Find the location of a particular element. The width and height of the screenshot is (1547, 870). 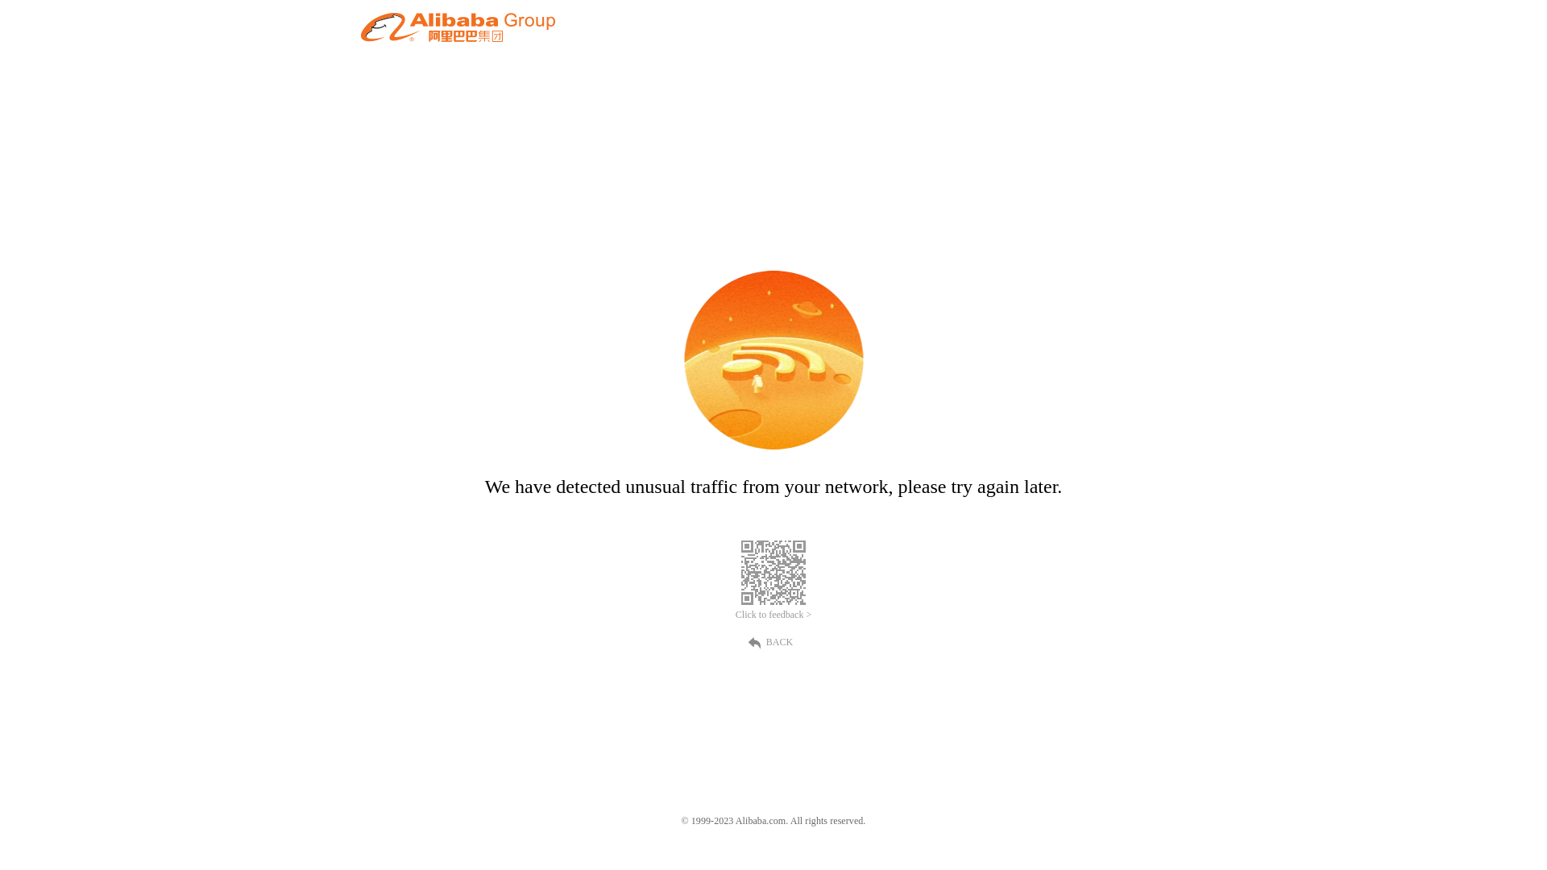

'BACK' is located at coordinates (773, 640).